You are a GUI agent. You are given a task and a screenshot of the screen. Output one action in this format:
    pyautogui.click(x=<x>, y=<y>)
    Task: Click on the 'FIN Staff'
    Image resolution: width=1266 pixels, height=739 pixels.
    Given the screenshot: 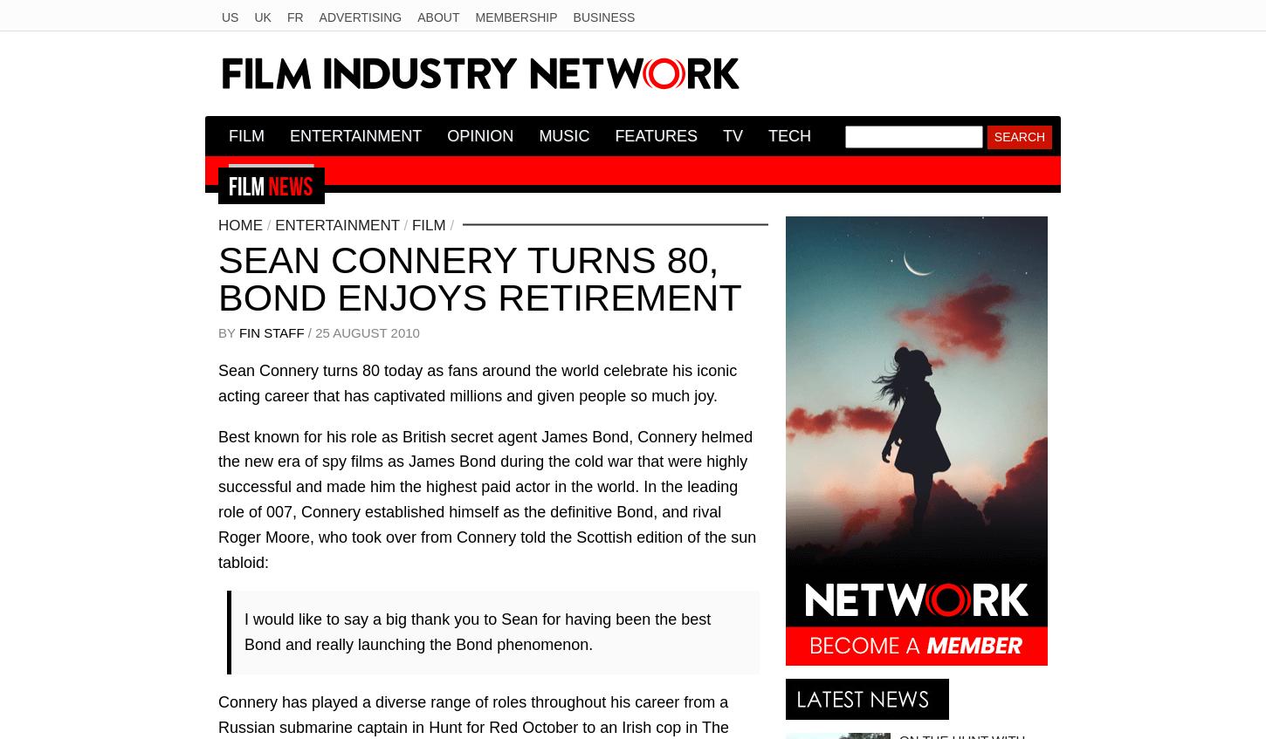 What is the action you would take?
    pyautogui.click(x=271, y=331)
    